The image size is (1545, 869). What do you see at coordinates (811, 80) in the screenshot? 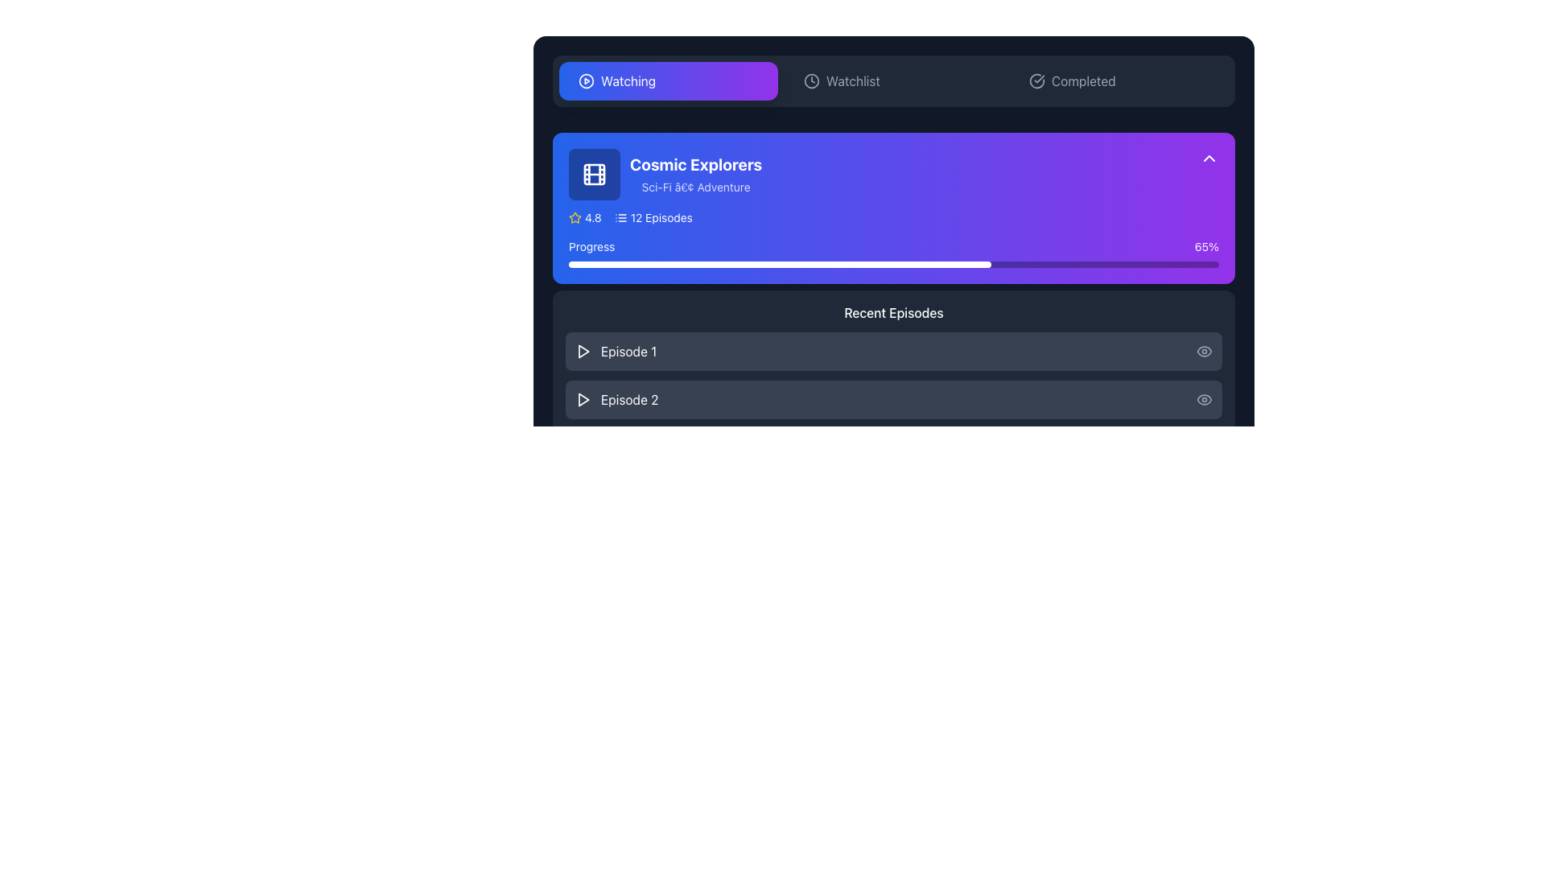
I see `the circular clock-like icon with a minimalist gray design located to the left of the 'Watchlist' text in the top center navigation of the interface` at bounding box center [811, 80].